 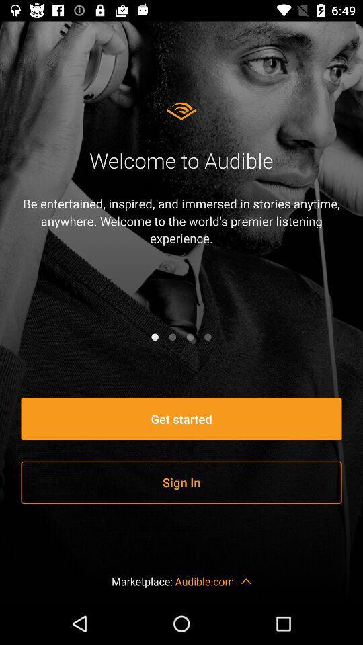 I want to click on next page, so click(x=172, y=336).